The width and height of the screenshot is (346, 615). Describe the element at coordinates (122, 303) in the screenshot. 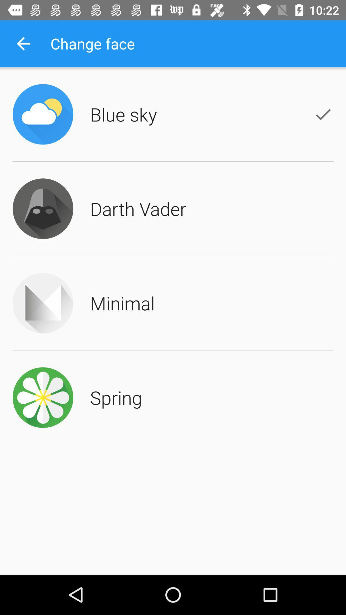

I see `item below darth vader` at that location.